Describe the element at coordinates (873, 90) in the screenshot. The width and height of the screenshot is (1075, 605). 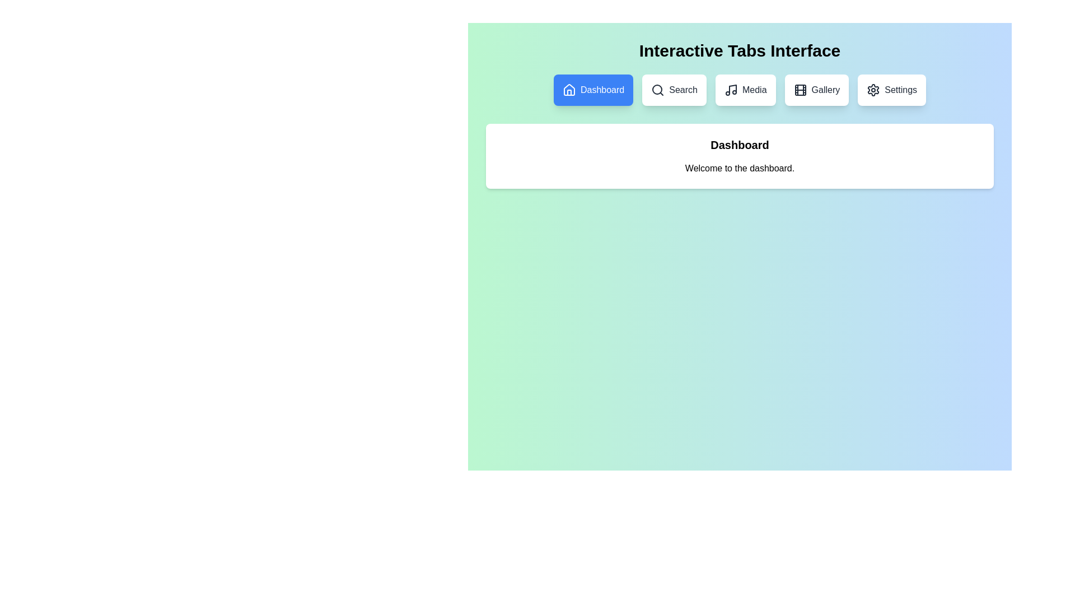
I see `the settings icon, which is a gear-shaped icon located inside the 'Settings' button in the navigation bar at the top right of the interface` at that location.